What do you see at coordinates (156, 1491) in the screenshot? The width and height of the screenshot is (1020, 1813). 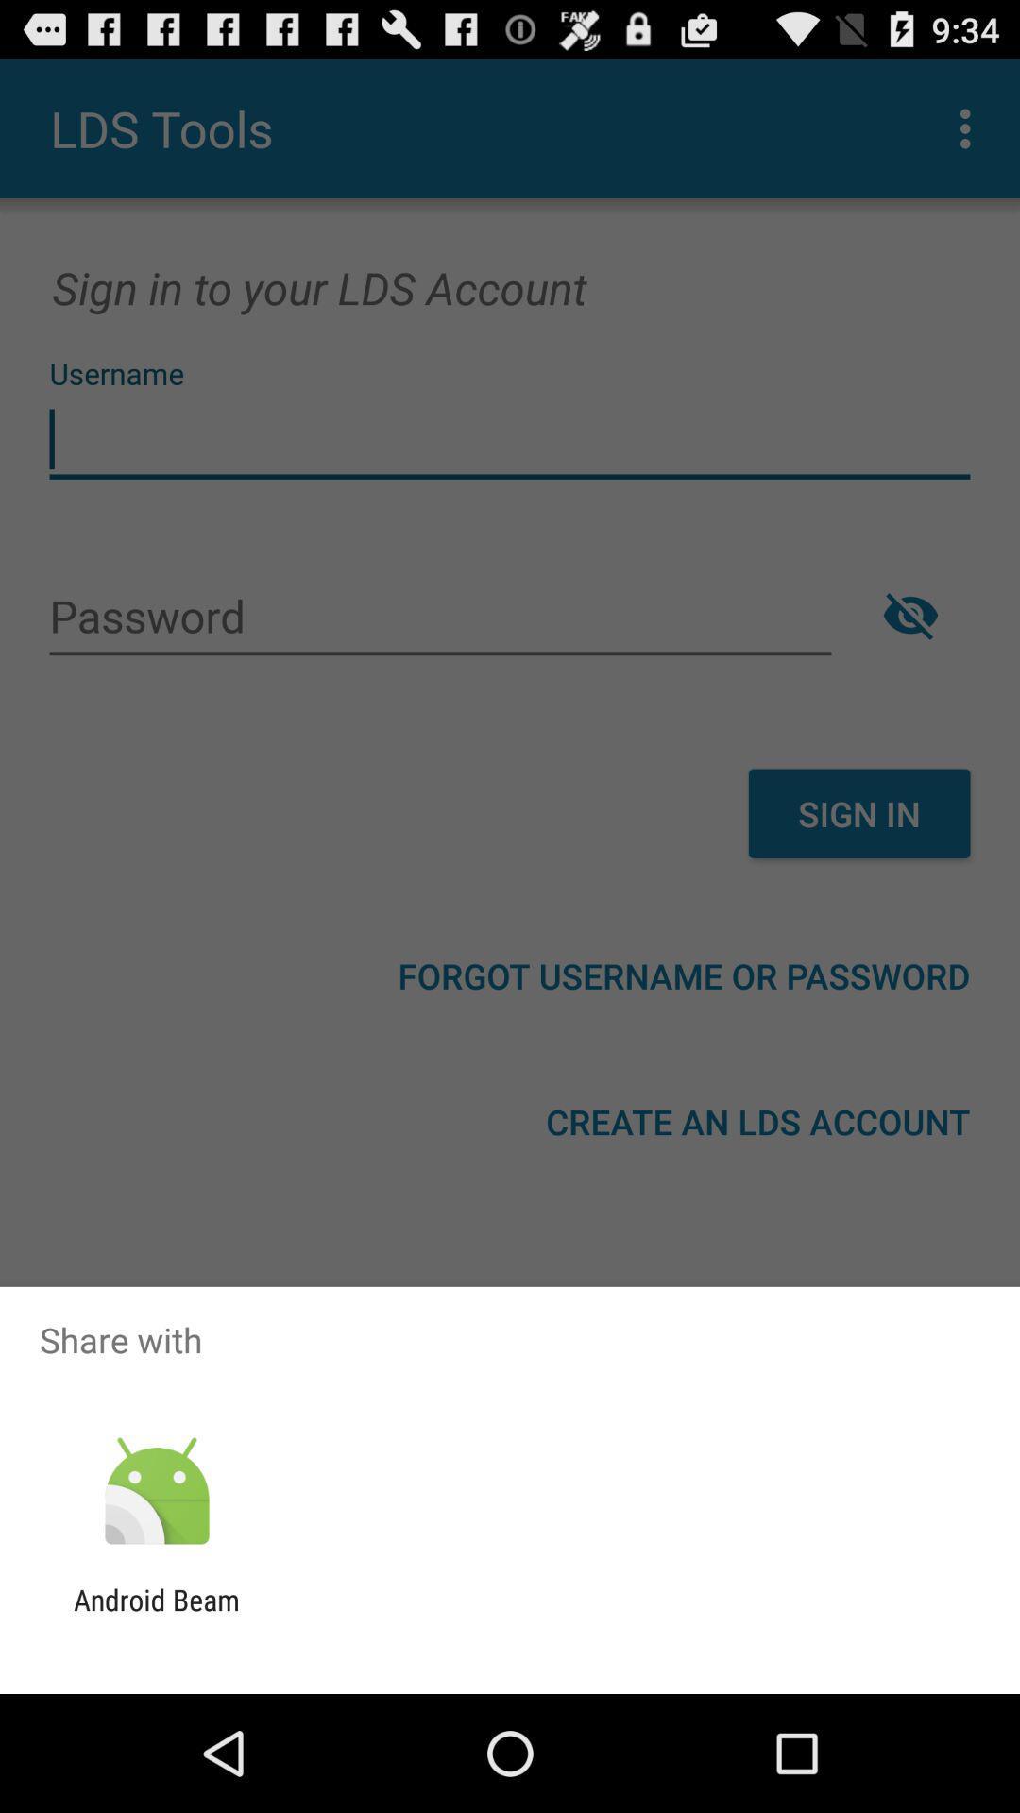 I see `the app below share with` at bounding box center [156, 1491].